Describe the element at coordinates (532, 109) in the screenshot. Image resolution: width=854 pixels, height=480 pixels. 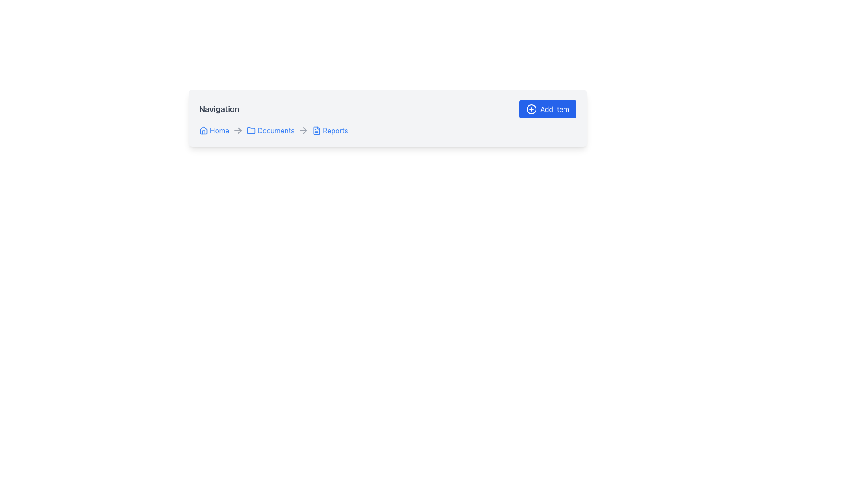
I see `the circular component of the 'Add Item' button located at the top-right corner of the interface` at that location.